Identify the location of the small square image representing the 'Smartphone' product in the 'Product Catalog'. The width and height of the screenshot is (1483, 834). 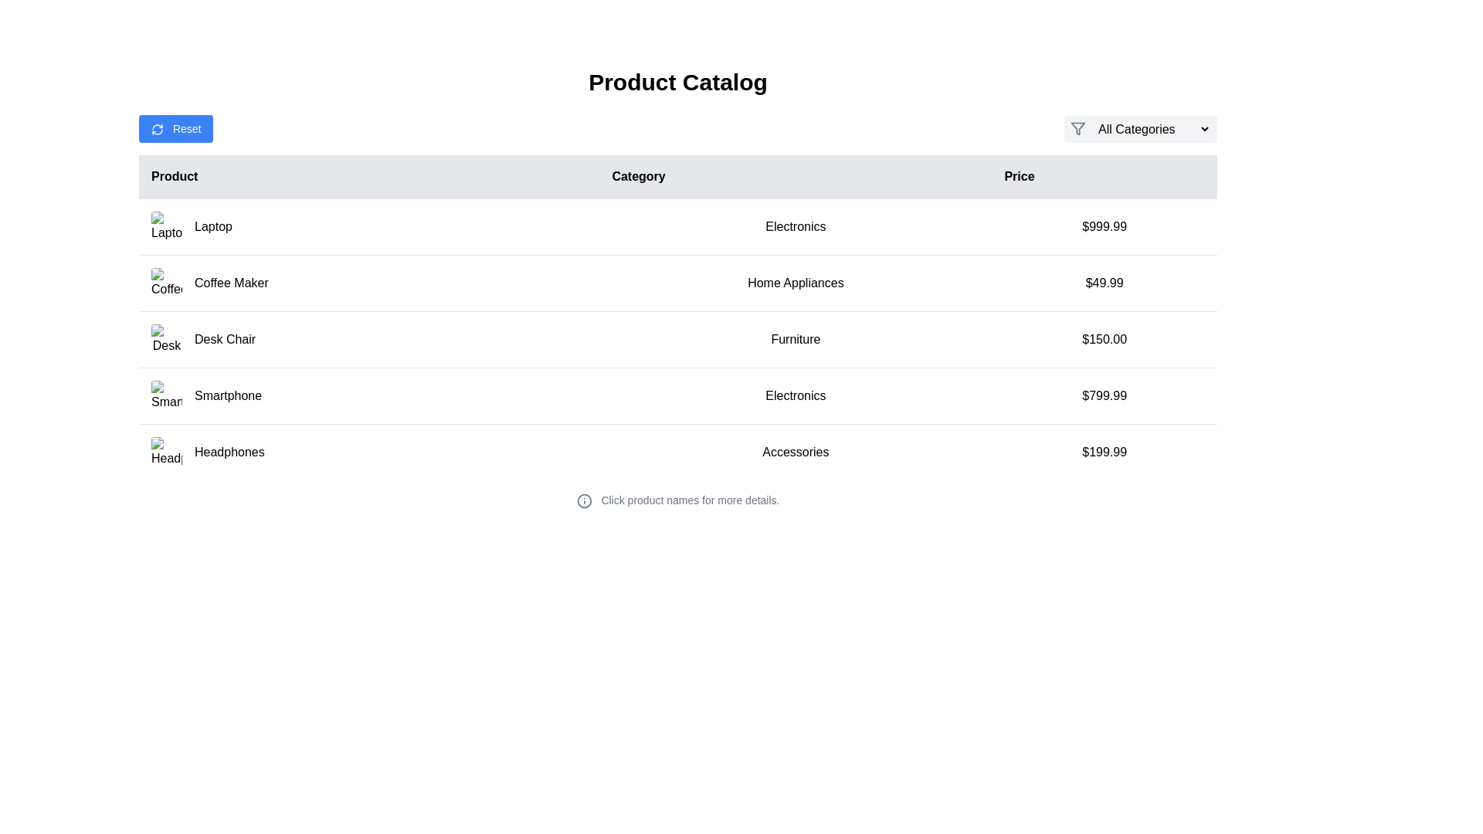
(167, 395).